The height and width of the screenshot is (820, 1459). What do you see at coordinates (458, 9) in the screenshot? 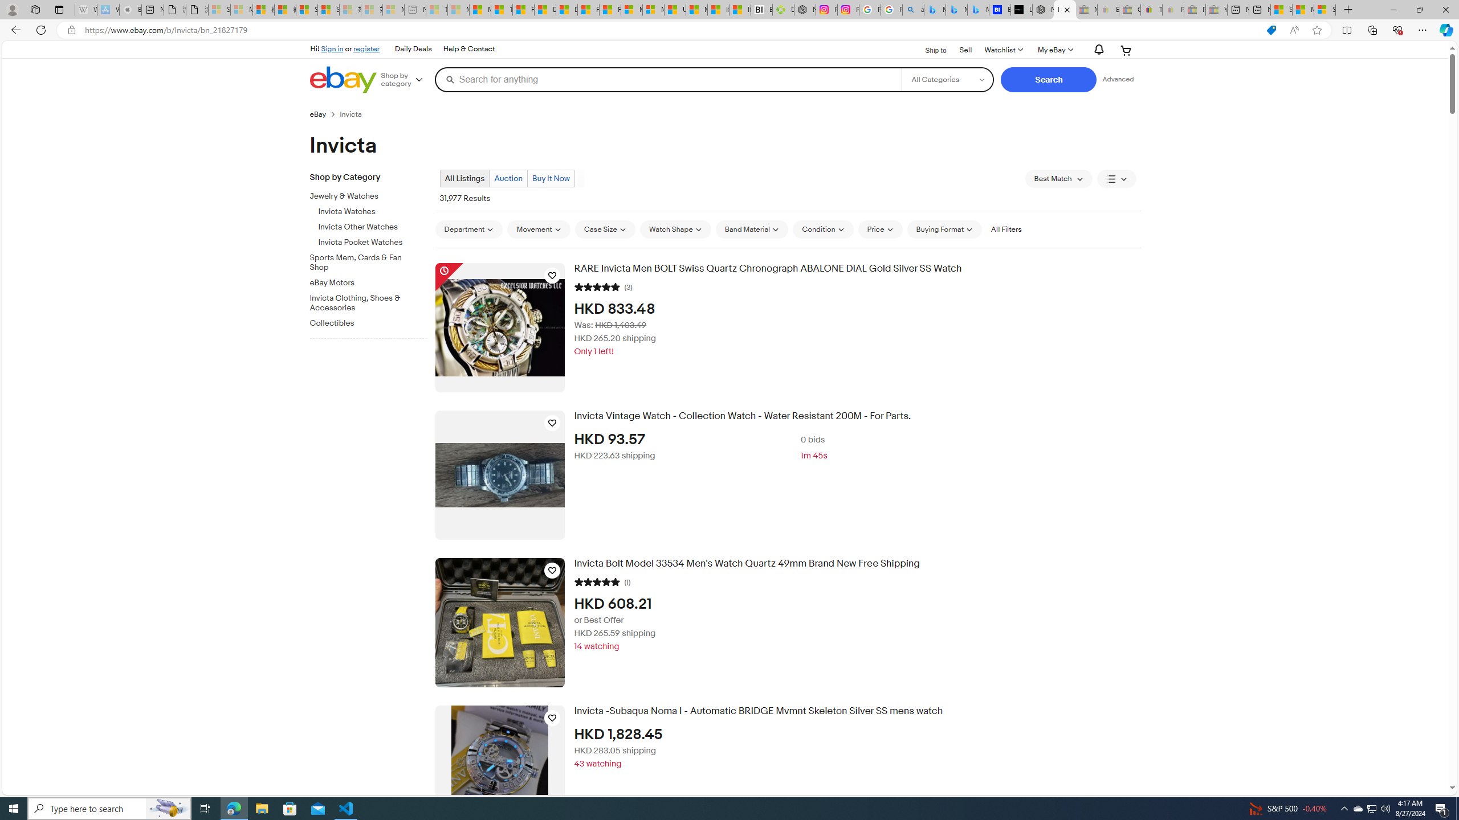
I see `'Marine life - MSN - Sleeping'` at bounding box center [458, 9].